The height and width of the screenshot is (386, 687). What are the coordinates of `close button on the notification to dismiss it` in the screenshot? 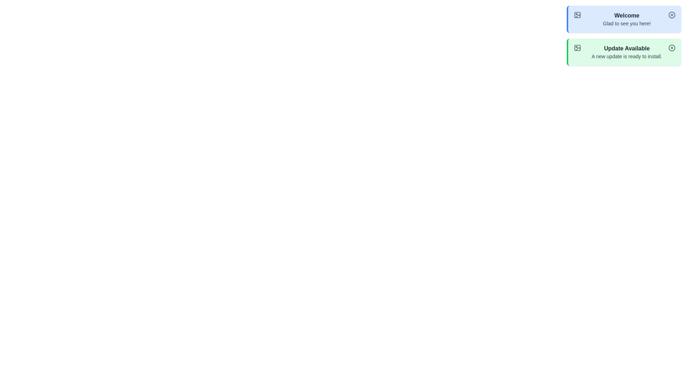 It's located at (671, 15).